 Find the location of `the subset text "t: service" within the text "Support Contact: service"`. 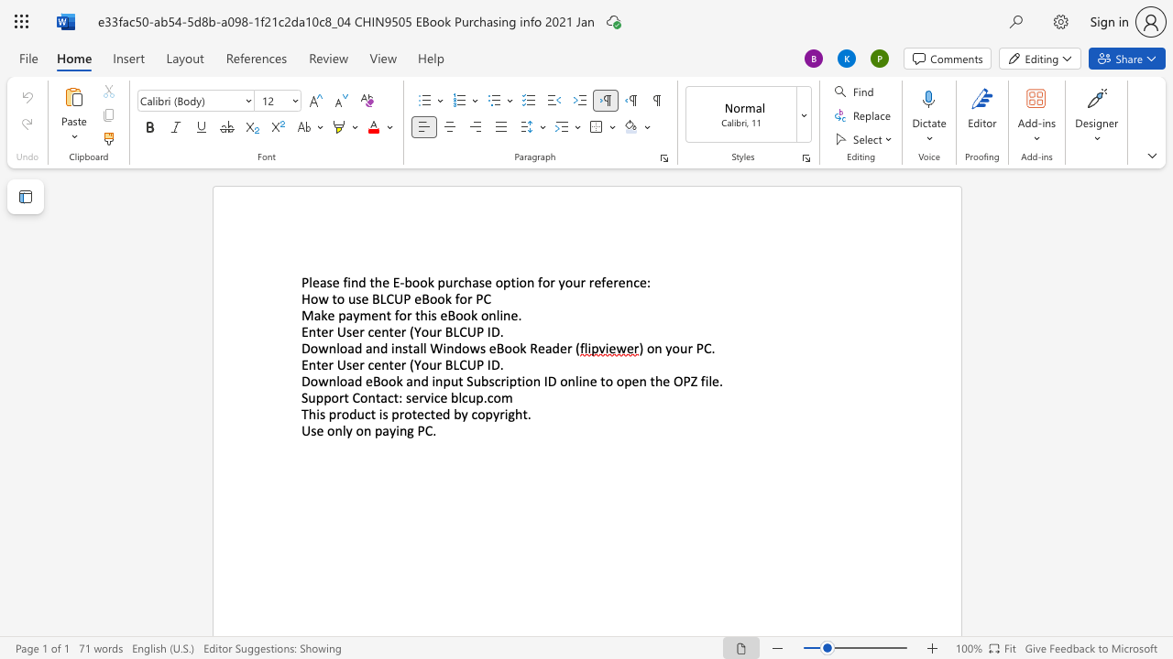

the subset text "t: service" within the text "Support Contact: service" is located at coordinates (392, 396).